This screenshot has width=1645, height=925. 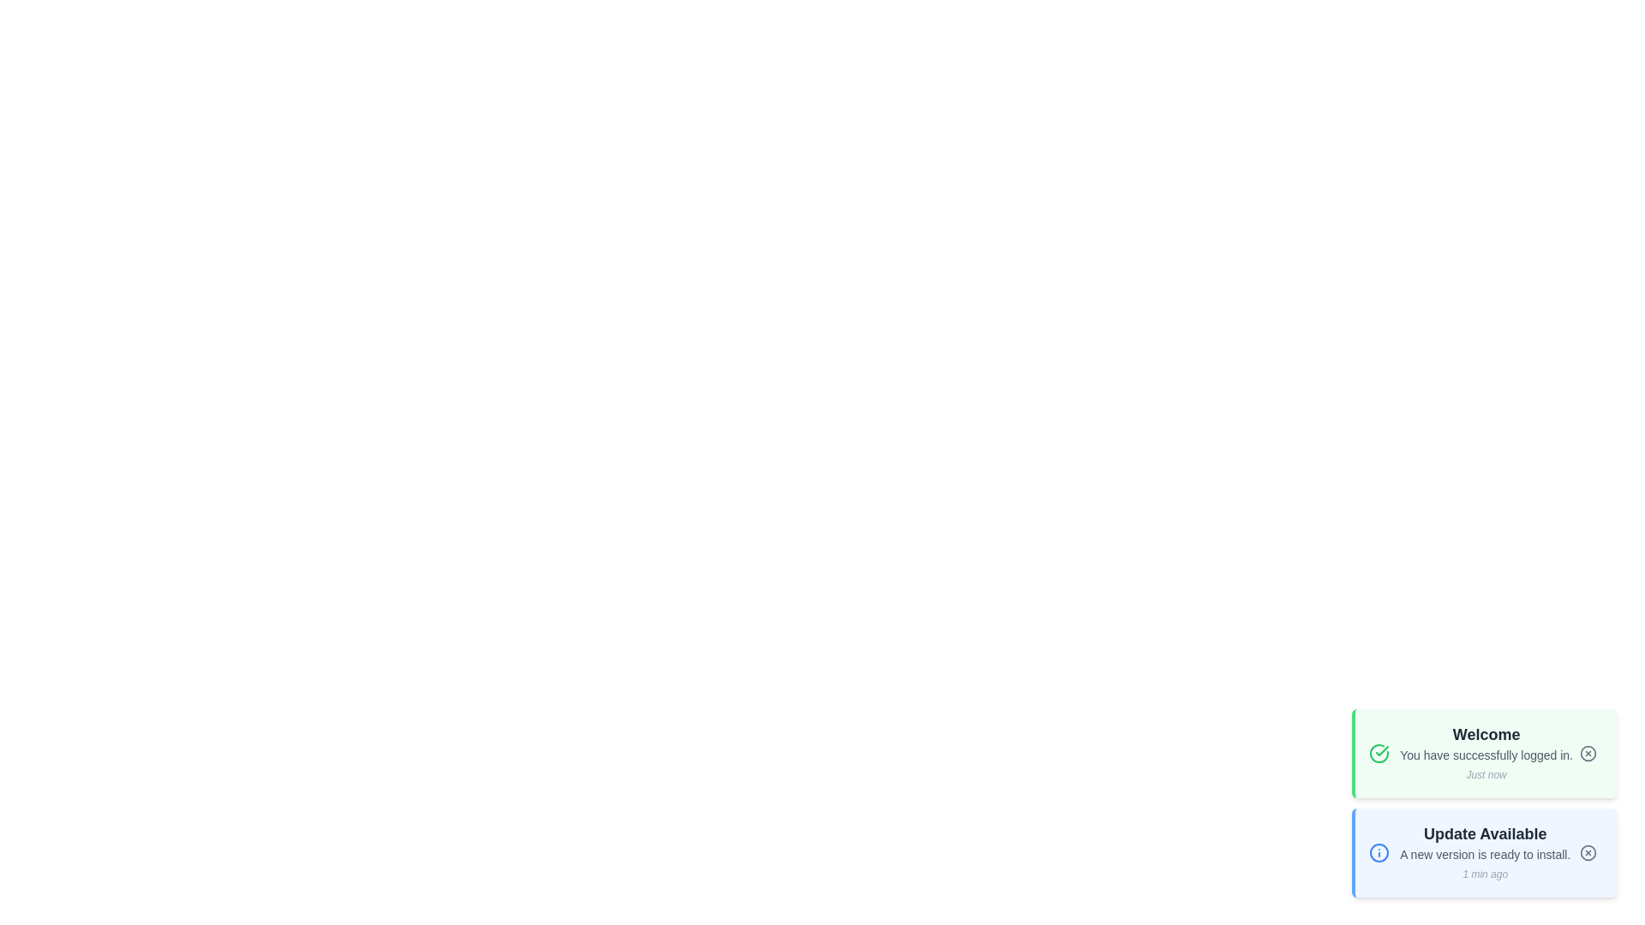 I want to click on the close button of the first notification to dismiss it, so click(x=1587, y=752).